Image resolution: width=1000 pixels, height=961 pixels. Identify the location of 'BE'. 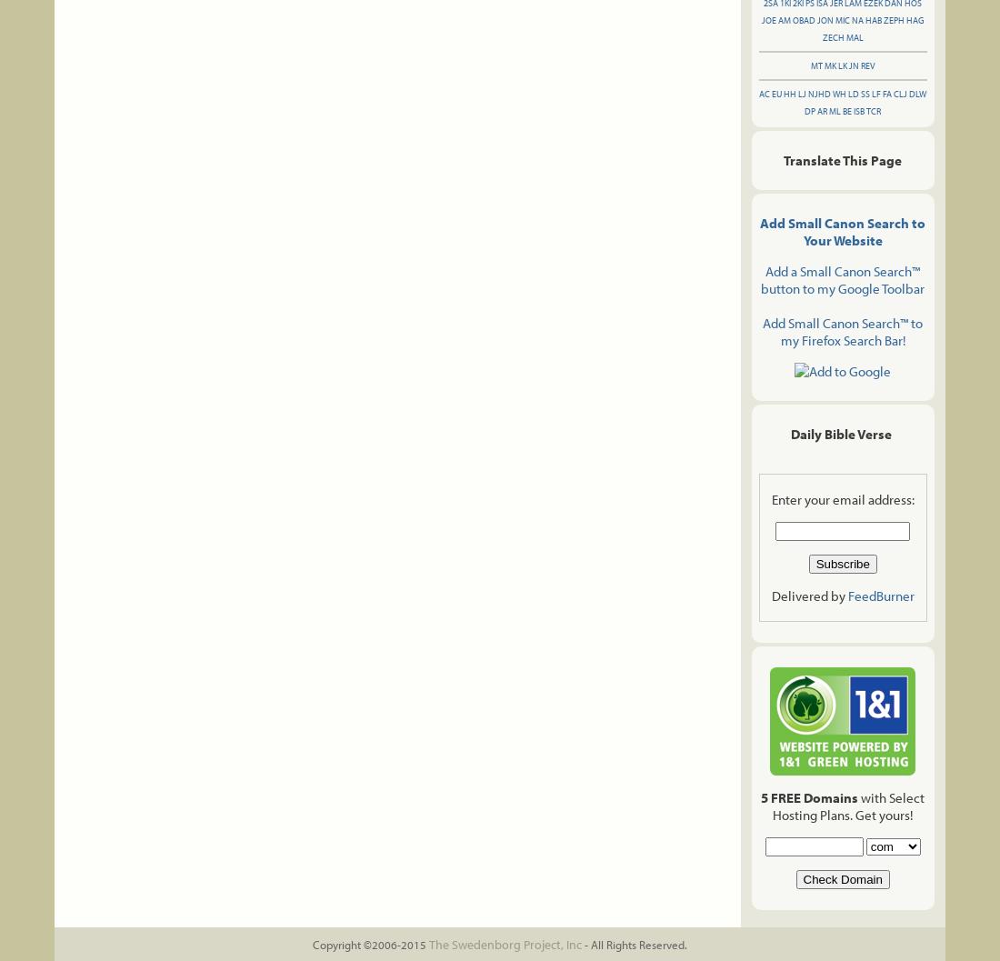
(847, 110).